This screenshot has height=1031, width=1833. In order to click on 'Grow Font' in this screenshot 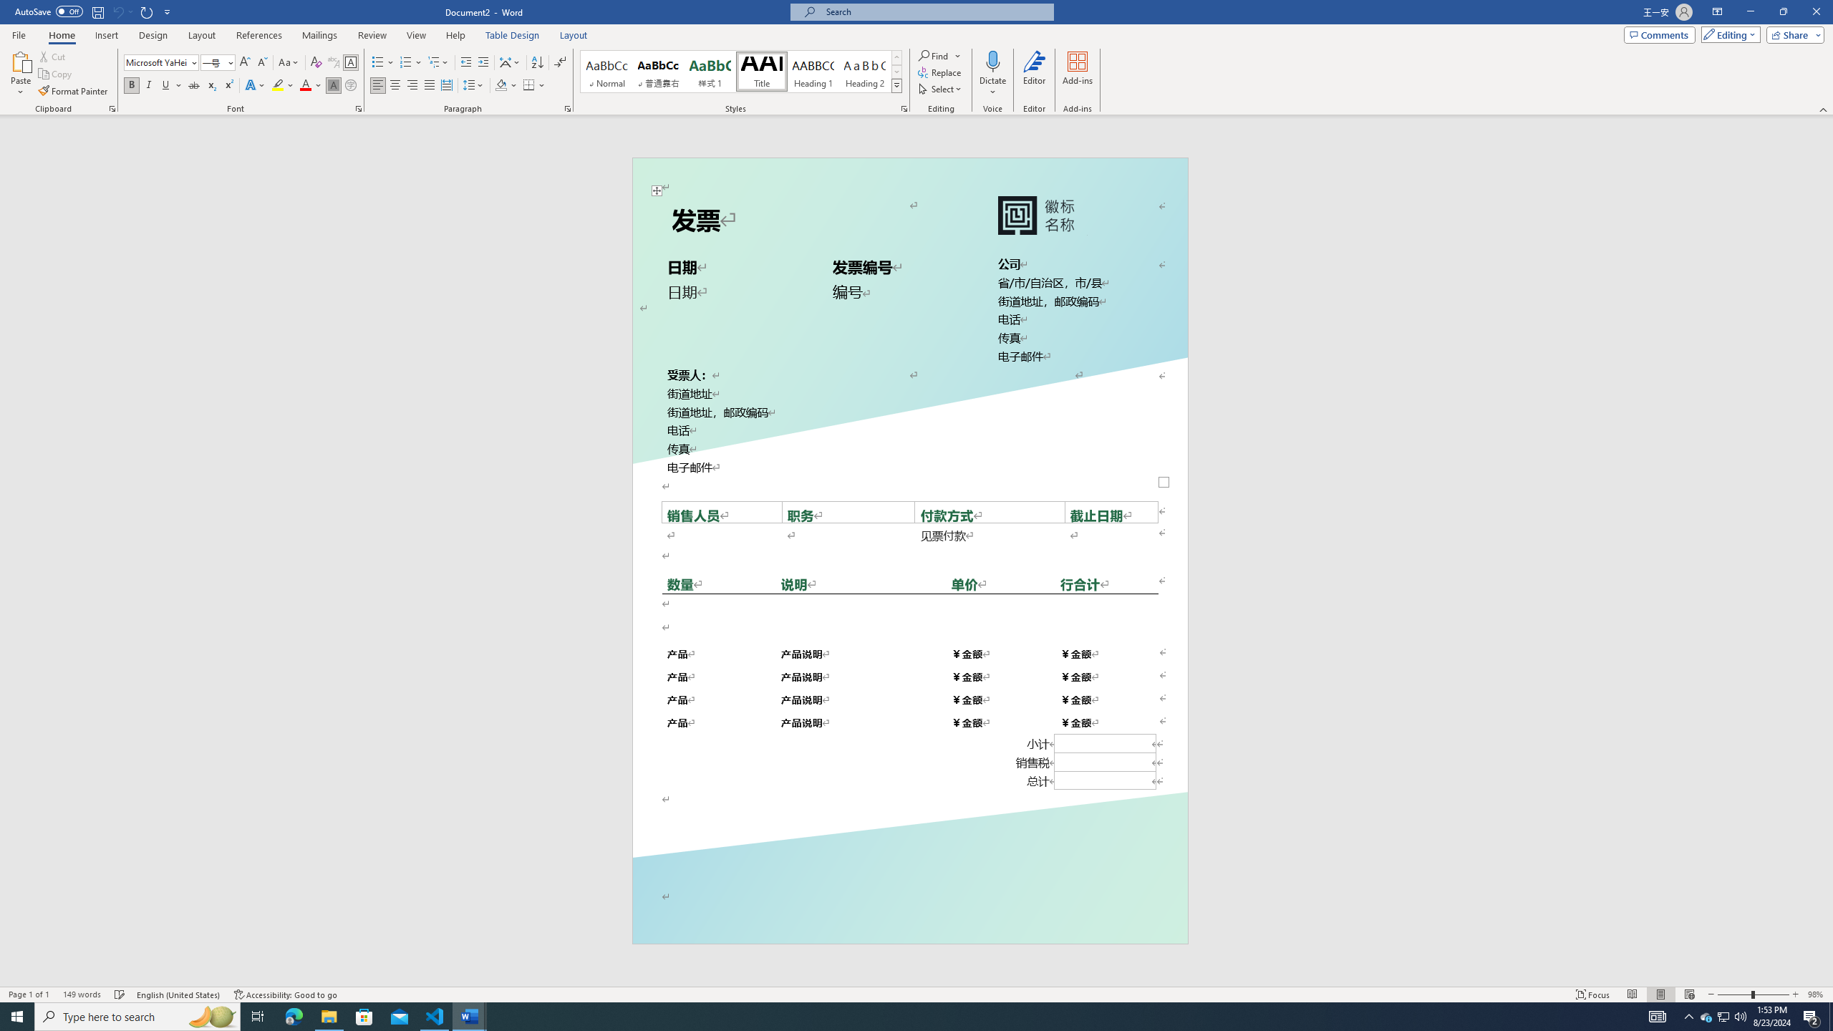, I will do `click(244, 62)`.